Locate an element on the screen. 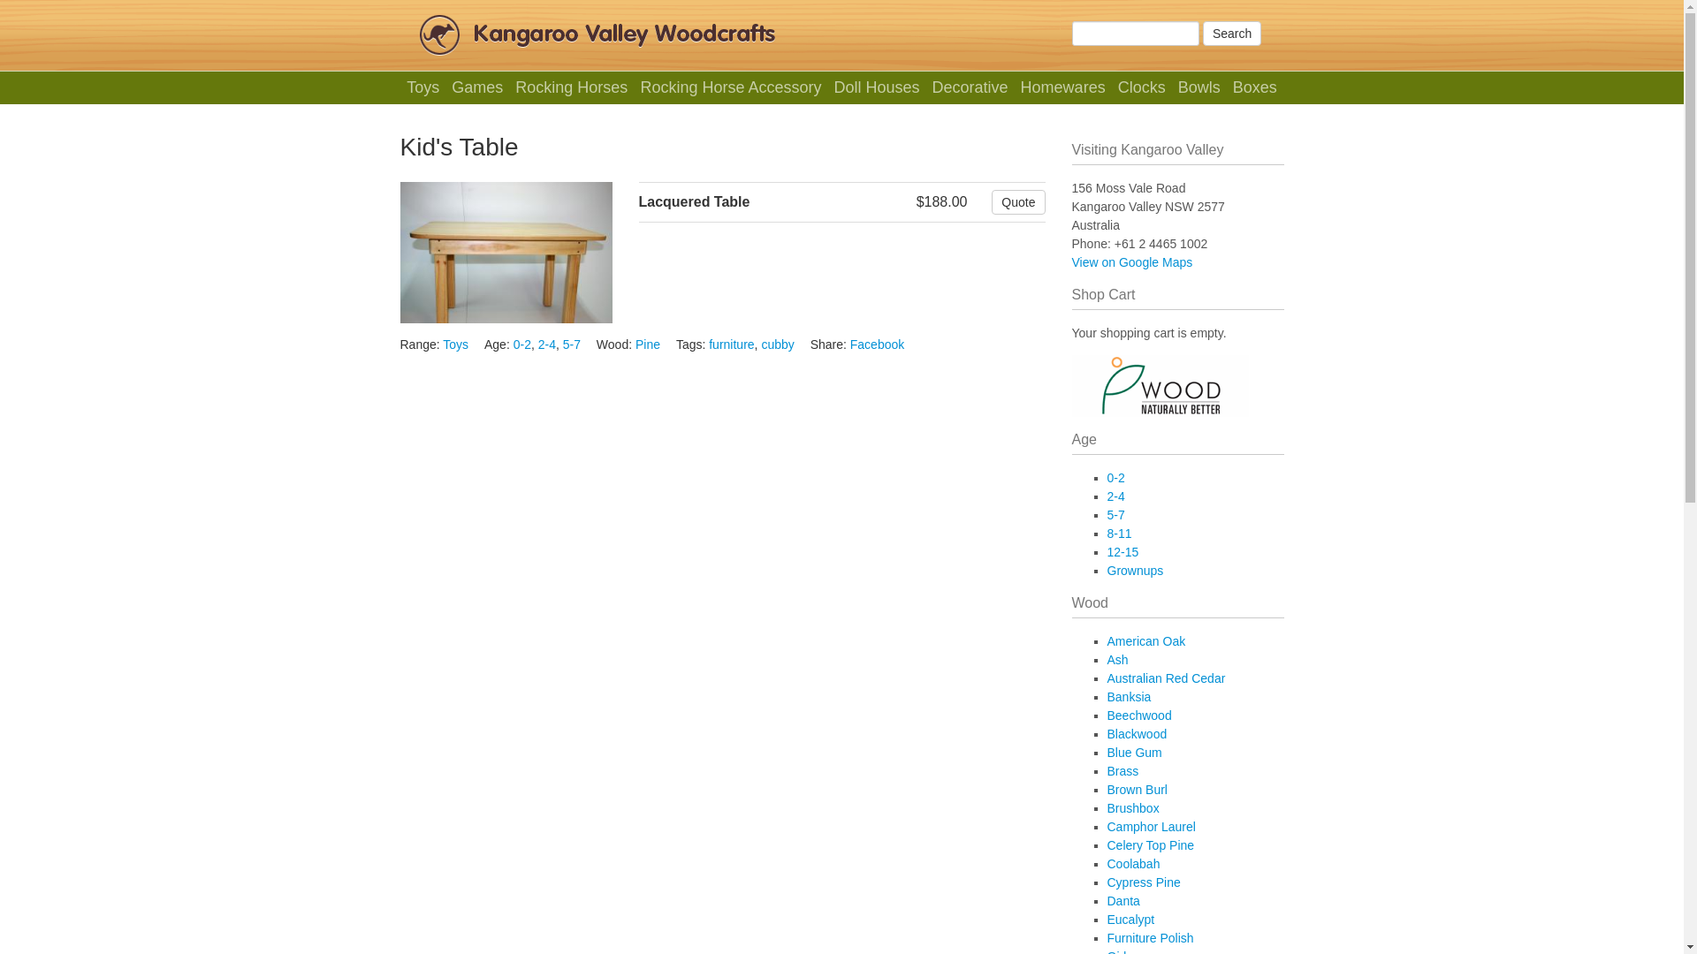 This screenshot has height=954, width=1697. 'Facebook' is located at coordinates (877, 344).